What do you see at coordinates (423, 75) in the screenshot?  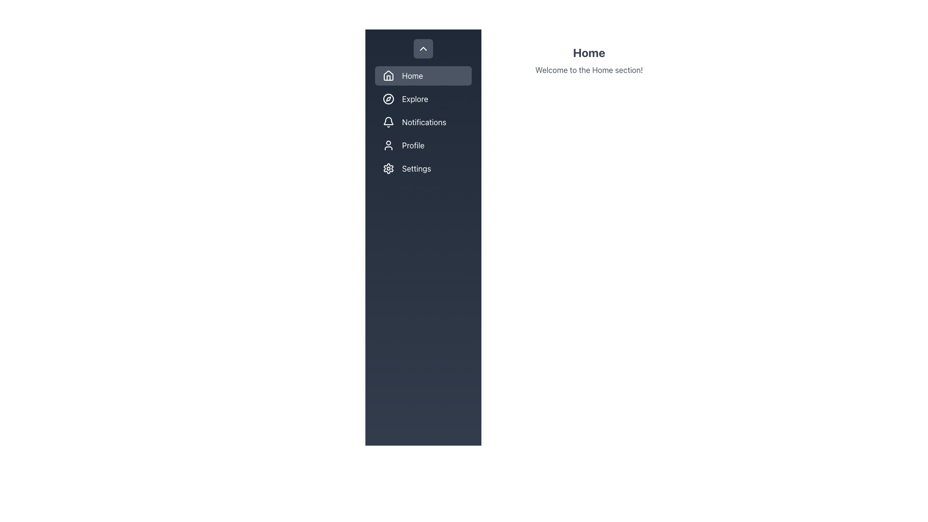 I see `the first button in the vertical list of navigation options in the left-side panel` at bounding box center [423, 75].